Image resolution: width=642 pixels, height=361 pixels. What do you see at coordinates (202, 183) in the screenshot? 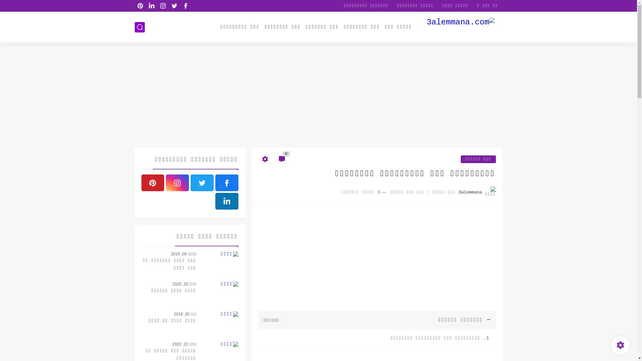
I see `'twitter'` at bounding box center [202, 183].